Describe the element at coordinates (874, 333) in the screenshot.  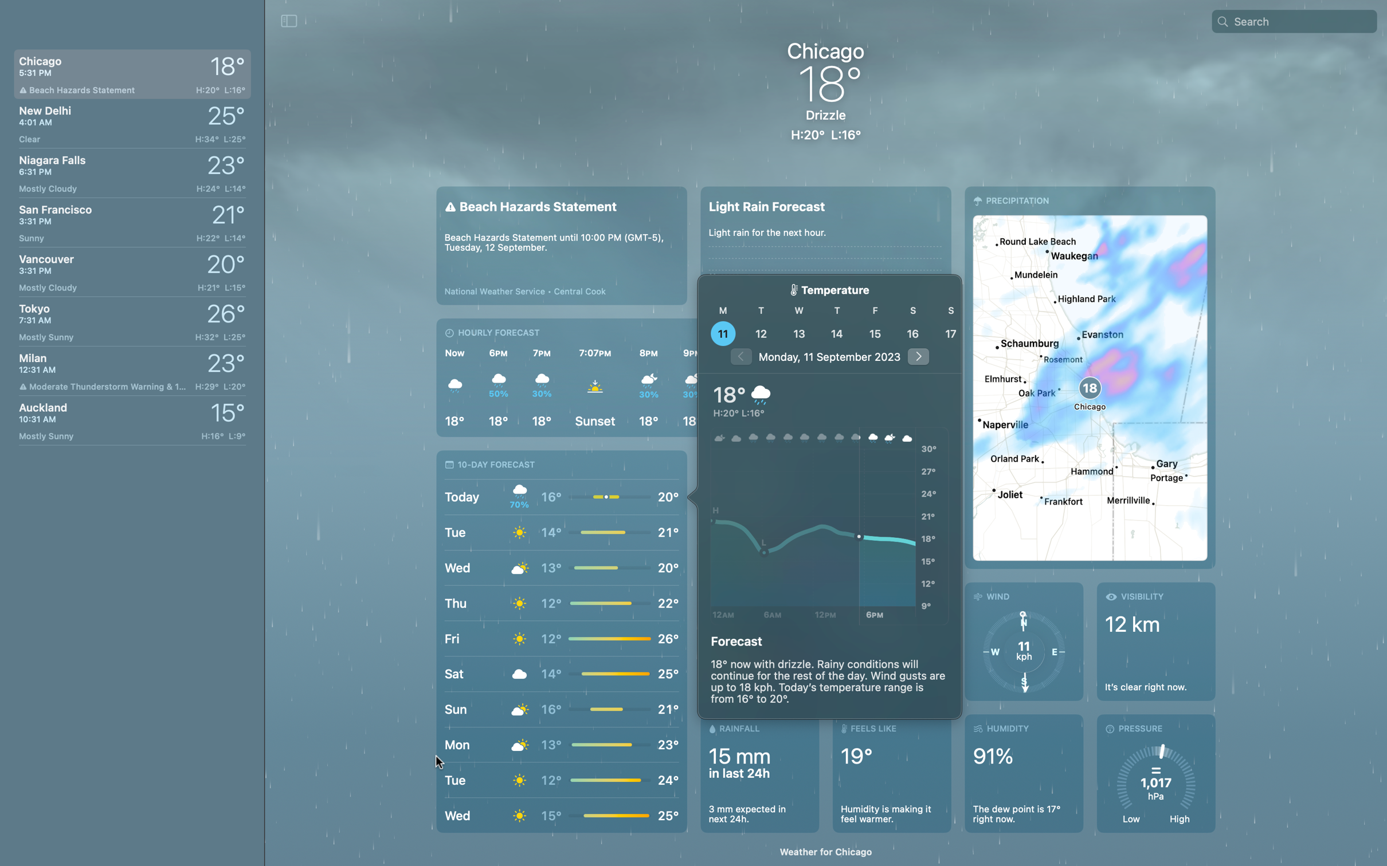
I see `Check the meteorological conditions of Chicago on the 15th` at that location.